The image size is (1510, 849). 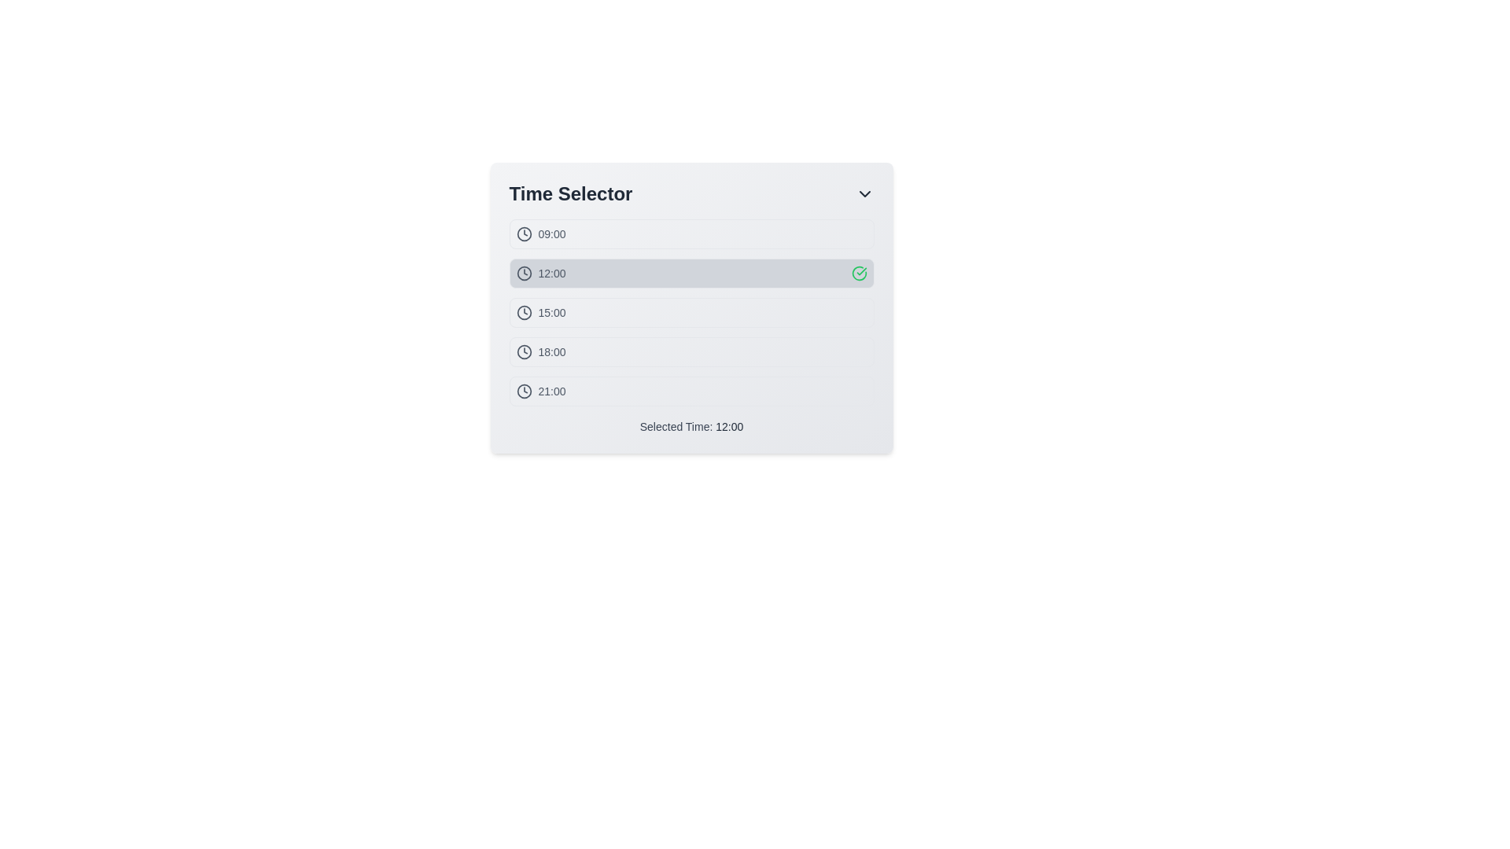 What do you see at coordinates (524, 351) in the screenshot?
I see `the time icon located in the fourth row of the time selection interface, positioned to the left of the '18:00' text` at bounding box center [524, 351].